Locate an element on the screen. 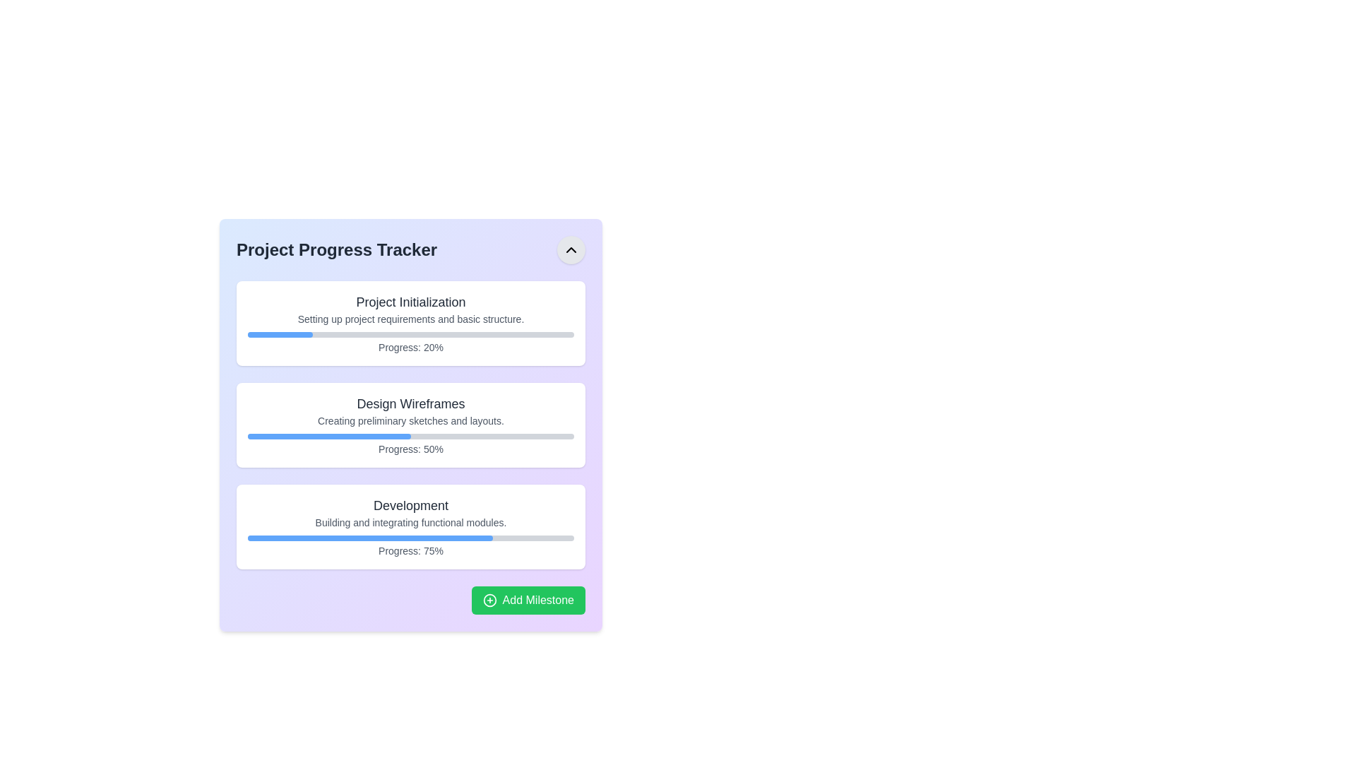  the progress visually on the filled part of the progress bar representing the 'Development' task, which indicates 75% completion is located at coordinates (370, 538).